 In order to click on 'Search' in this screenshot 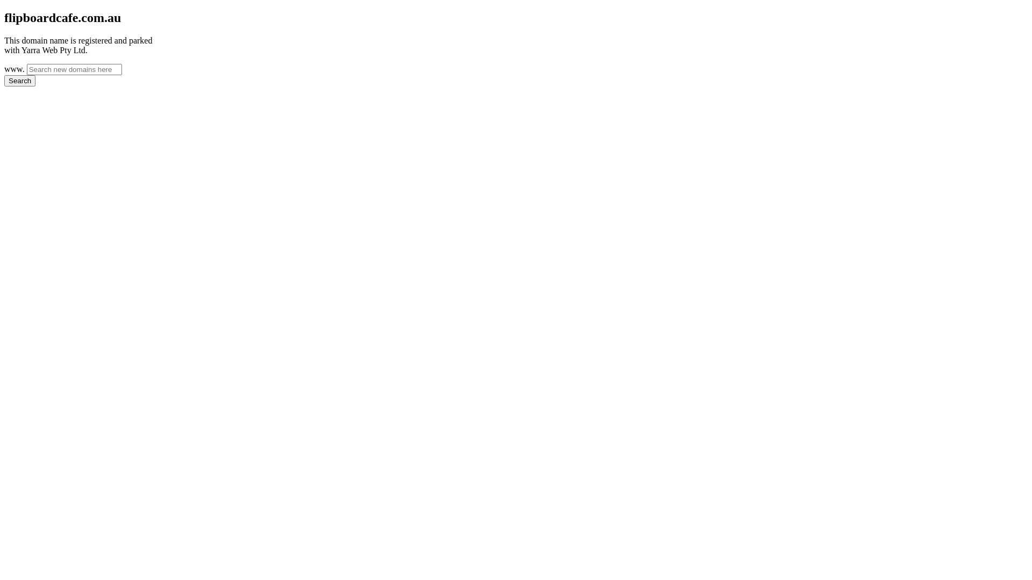, I will do `click(4, 80)`.